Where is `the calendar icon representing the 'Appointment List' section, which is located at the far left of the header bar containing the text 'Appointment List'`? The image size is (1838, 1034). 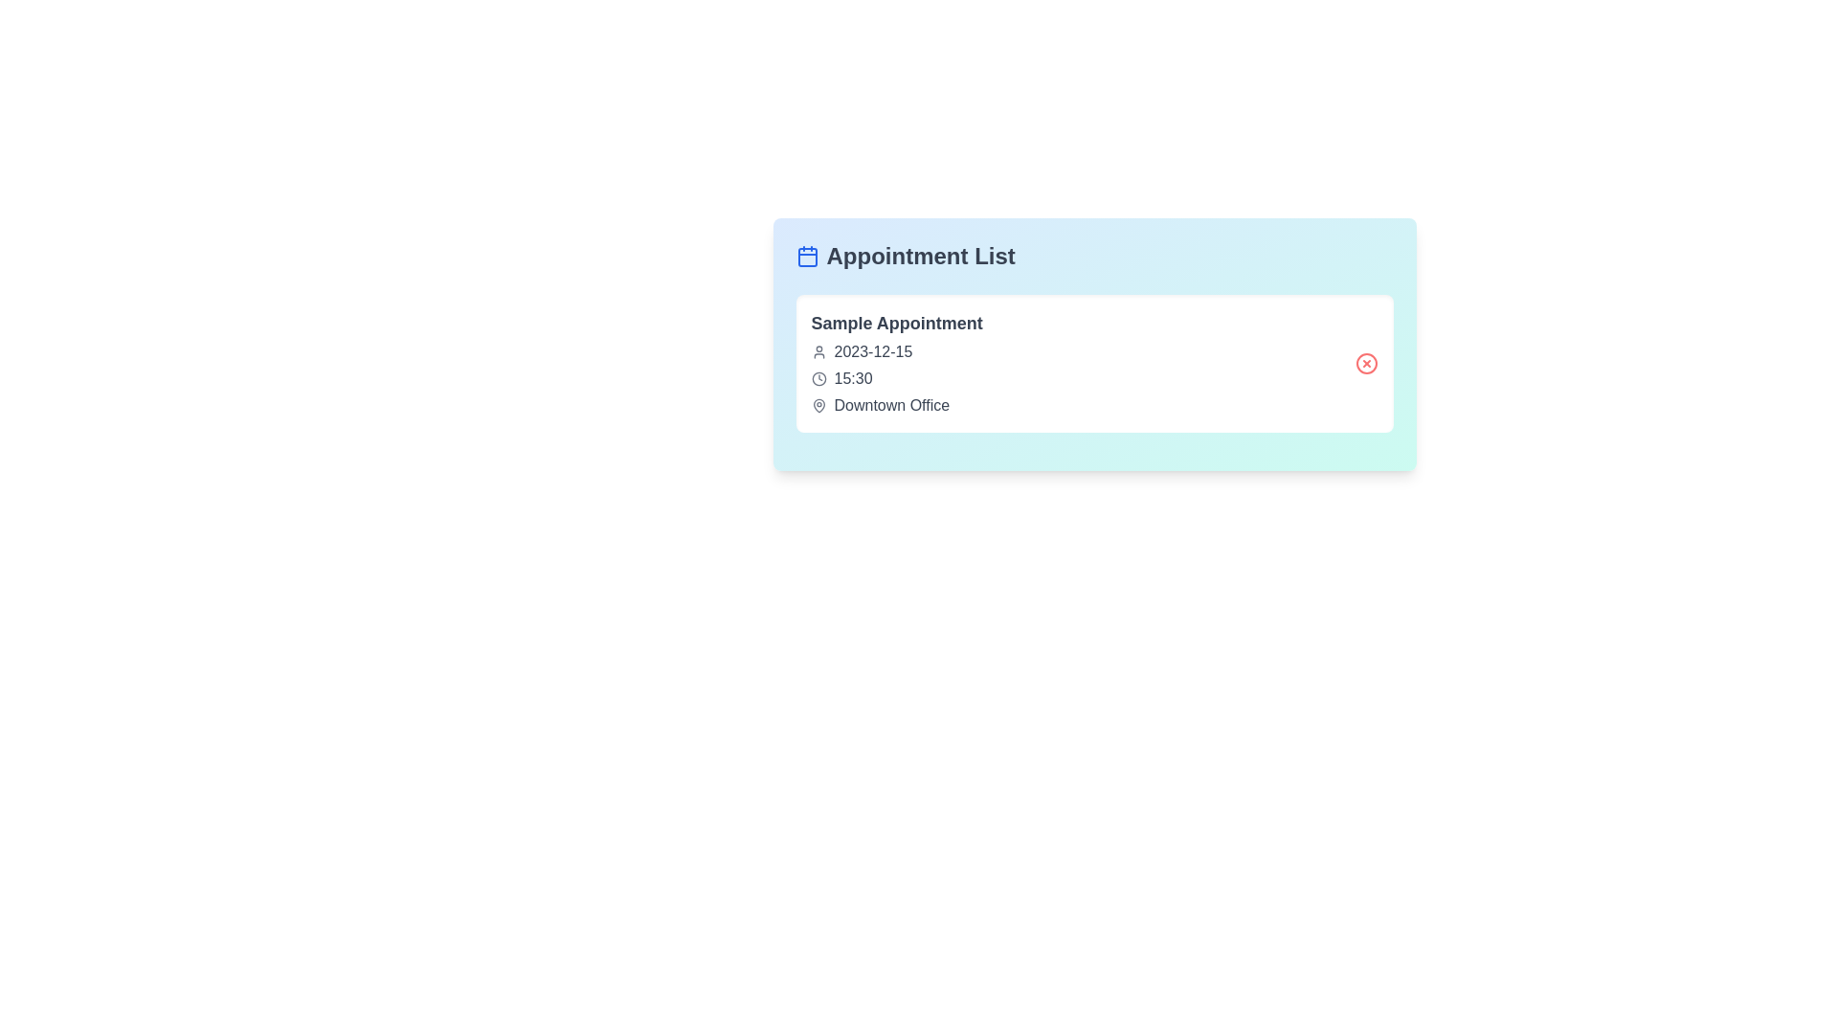 the calendar icon representing the 'Appointment List' section, which is located at the far left of the header bar containing the text 'Appointment List' is located at coordinates (807, 255).